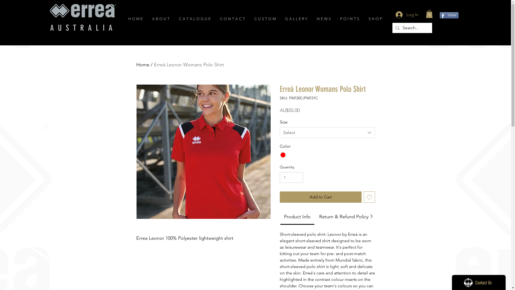 The image size is (515, 290). Describe the element at coordinates (143, 64) in the screenshot. I see `'Home'` at that location.